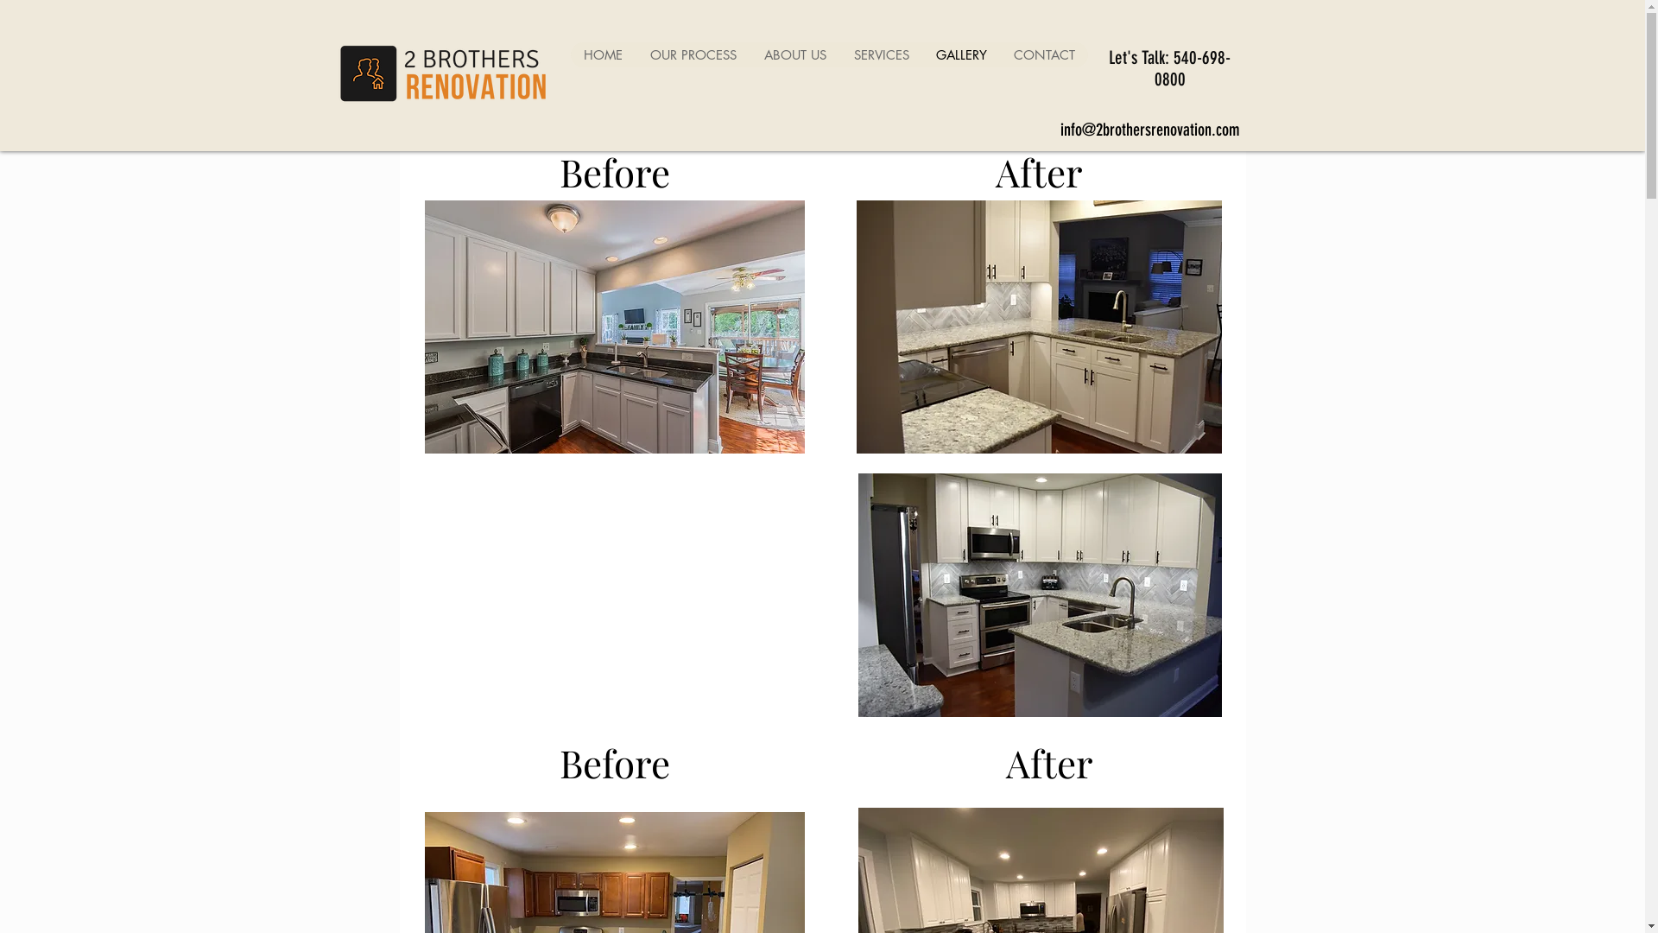  Describe the element at coordinates (692, 54) in the screenshot. I see `'OUR PROCESS'` at that location.